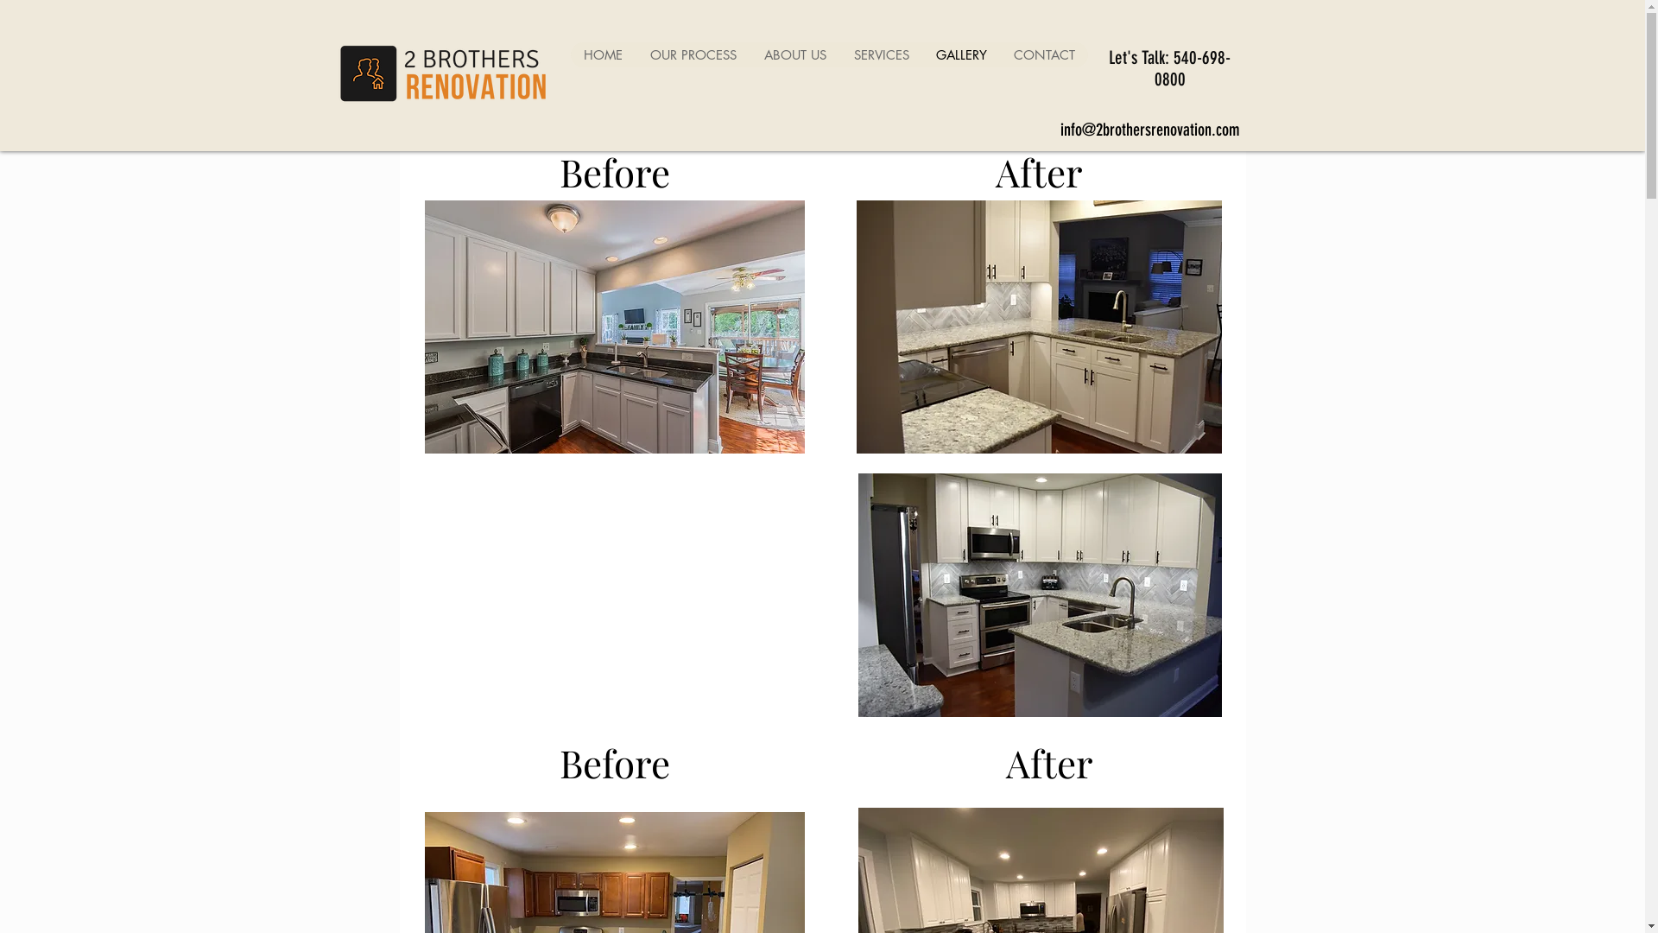  Describe the element at coordinates (692, 54) in the screenshot. I see `'OUR PROCESS'` at that location.